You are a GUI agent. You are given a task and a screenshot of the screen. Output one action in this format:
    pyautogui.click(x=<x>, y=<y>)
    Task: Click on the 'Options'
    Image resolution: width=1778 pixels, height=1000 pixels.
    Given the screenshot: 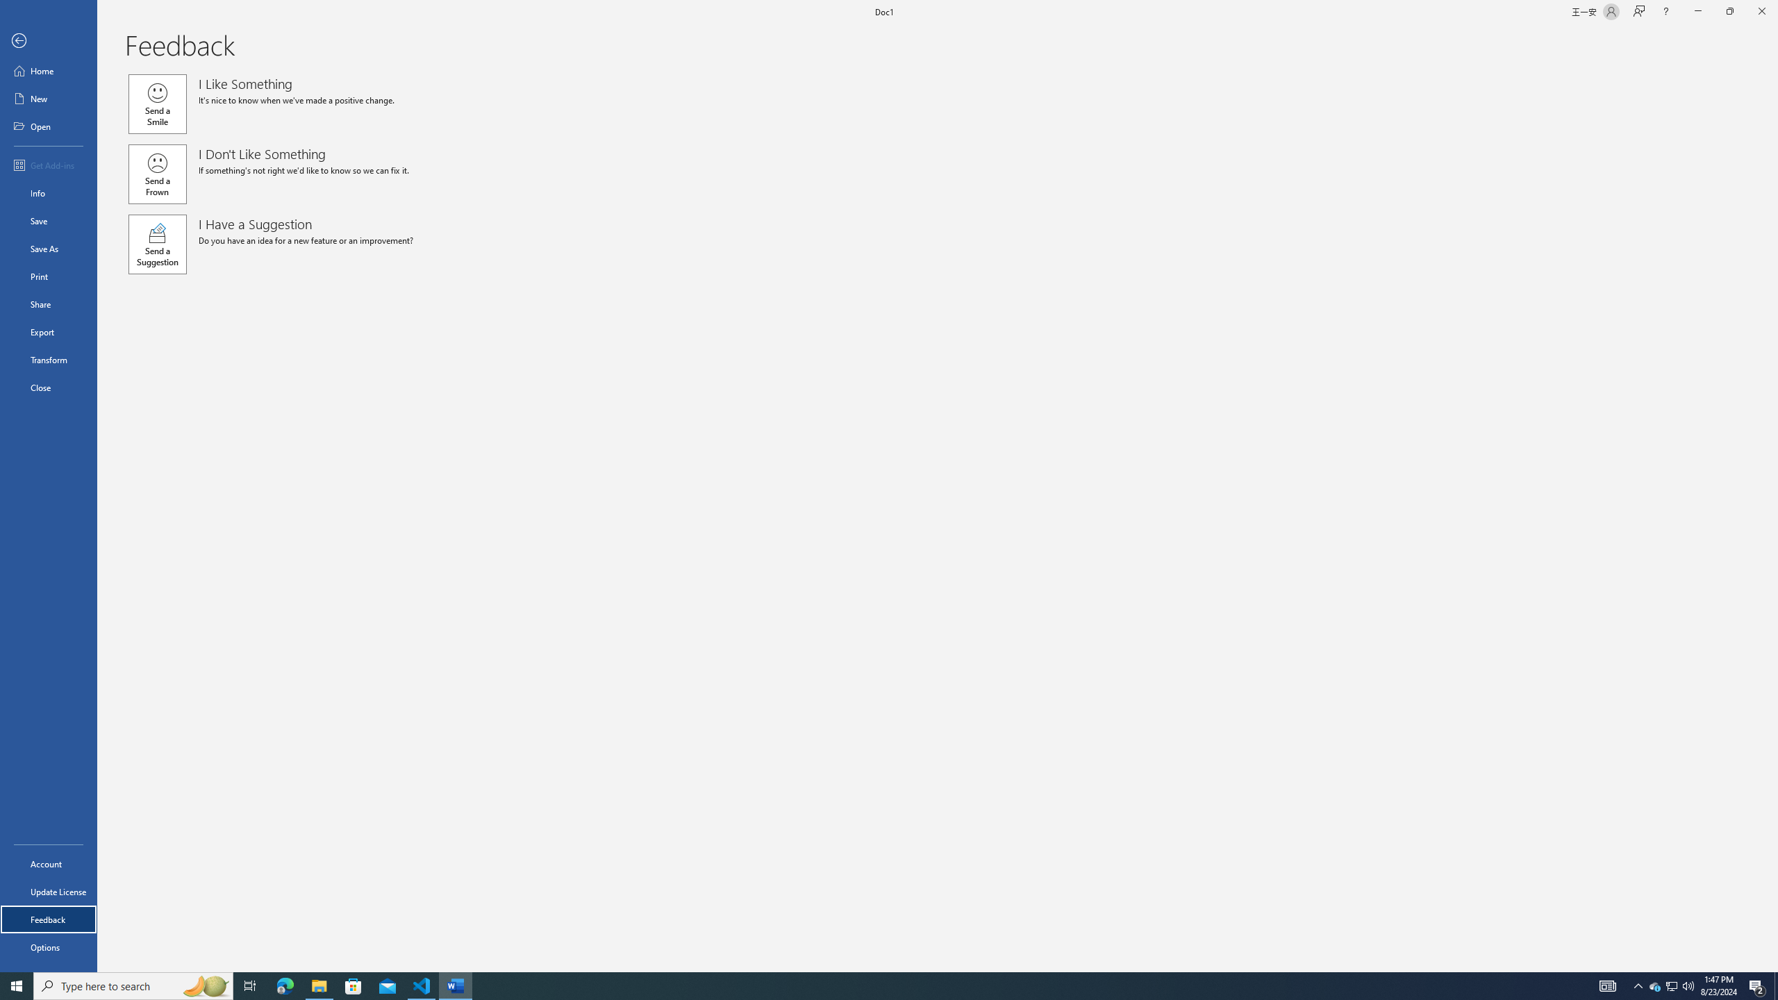 What is the action you would take?
    pyautogui.click(x=48, y=947)
    